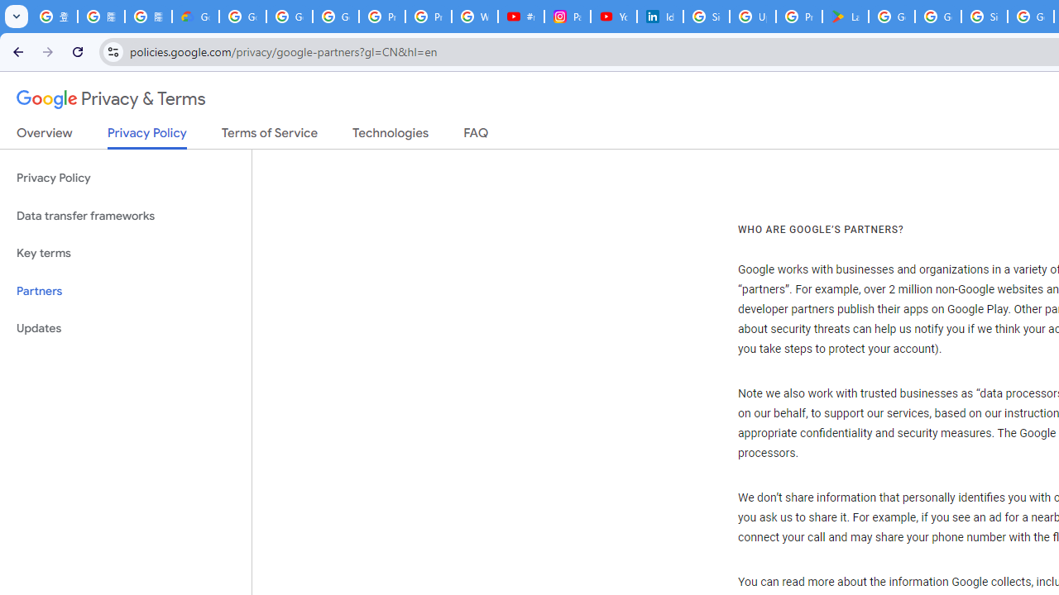  Describe the element at coordinates (125, 253) in the screenshot. I see `'Key terms'` at that location.